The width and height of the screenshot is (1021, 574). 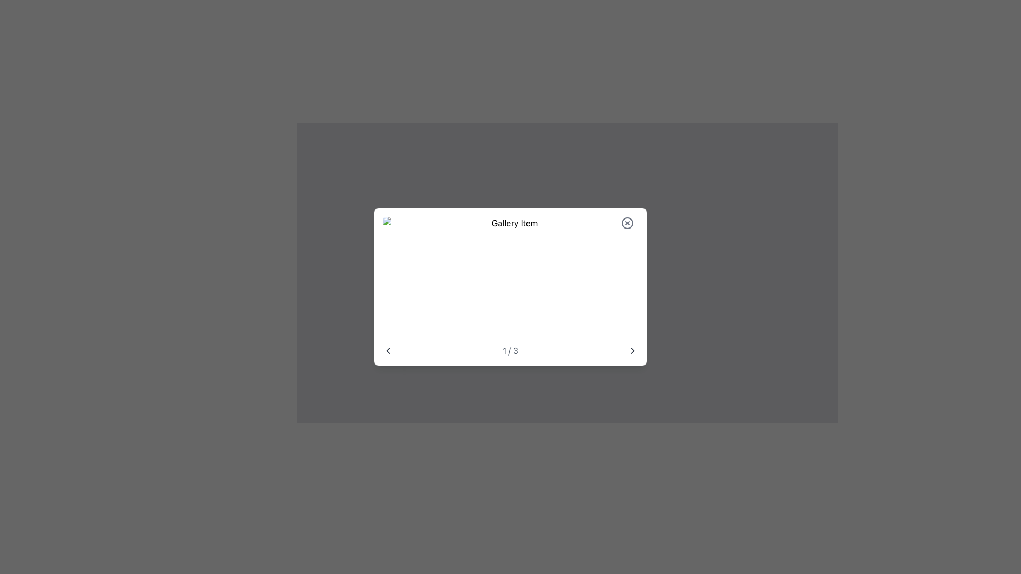 What do you see at coordinates (510, 350) in the screenshot?
I see `the text display that shows '1 / 3', styled in gray font, located at the bottom center of the modal interface` at bounding box center [510, 350].